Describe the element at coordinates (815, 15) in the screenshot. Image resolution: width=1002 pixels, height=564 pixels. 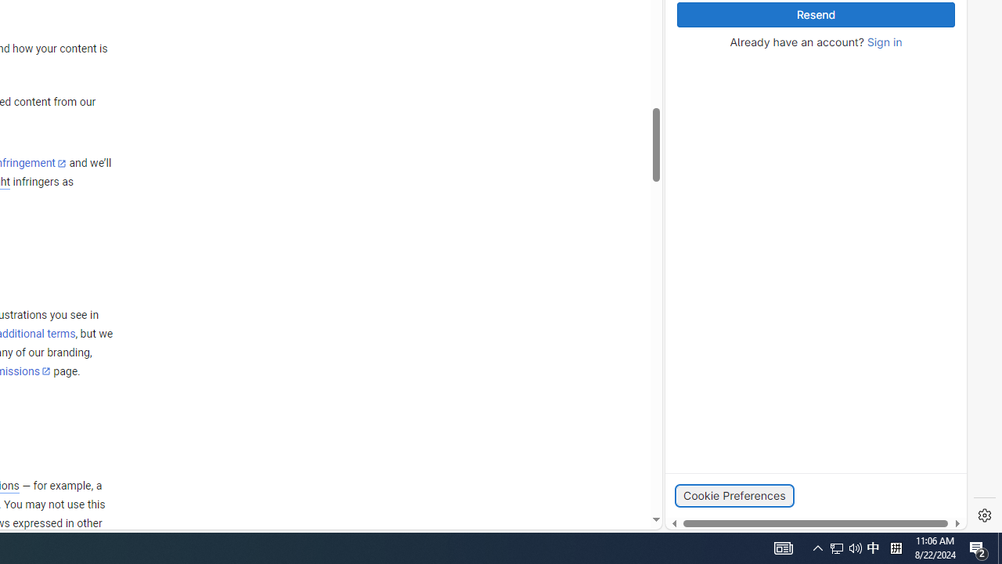
I see `'Resend'` at that location.